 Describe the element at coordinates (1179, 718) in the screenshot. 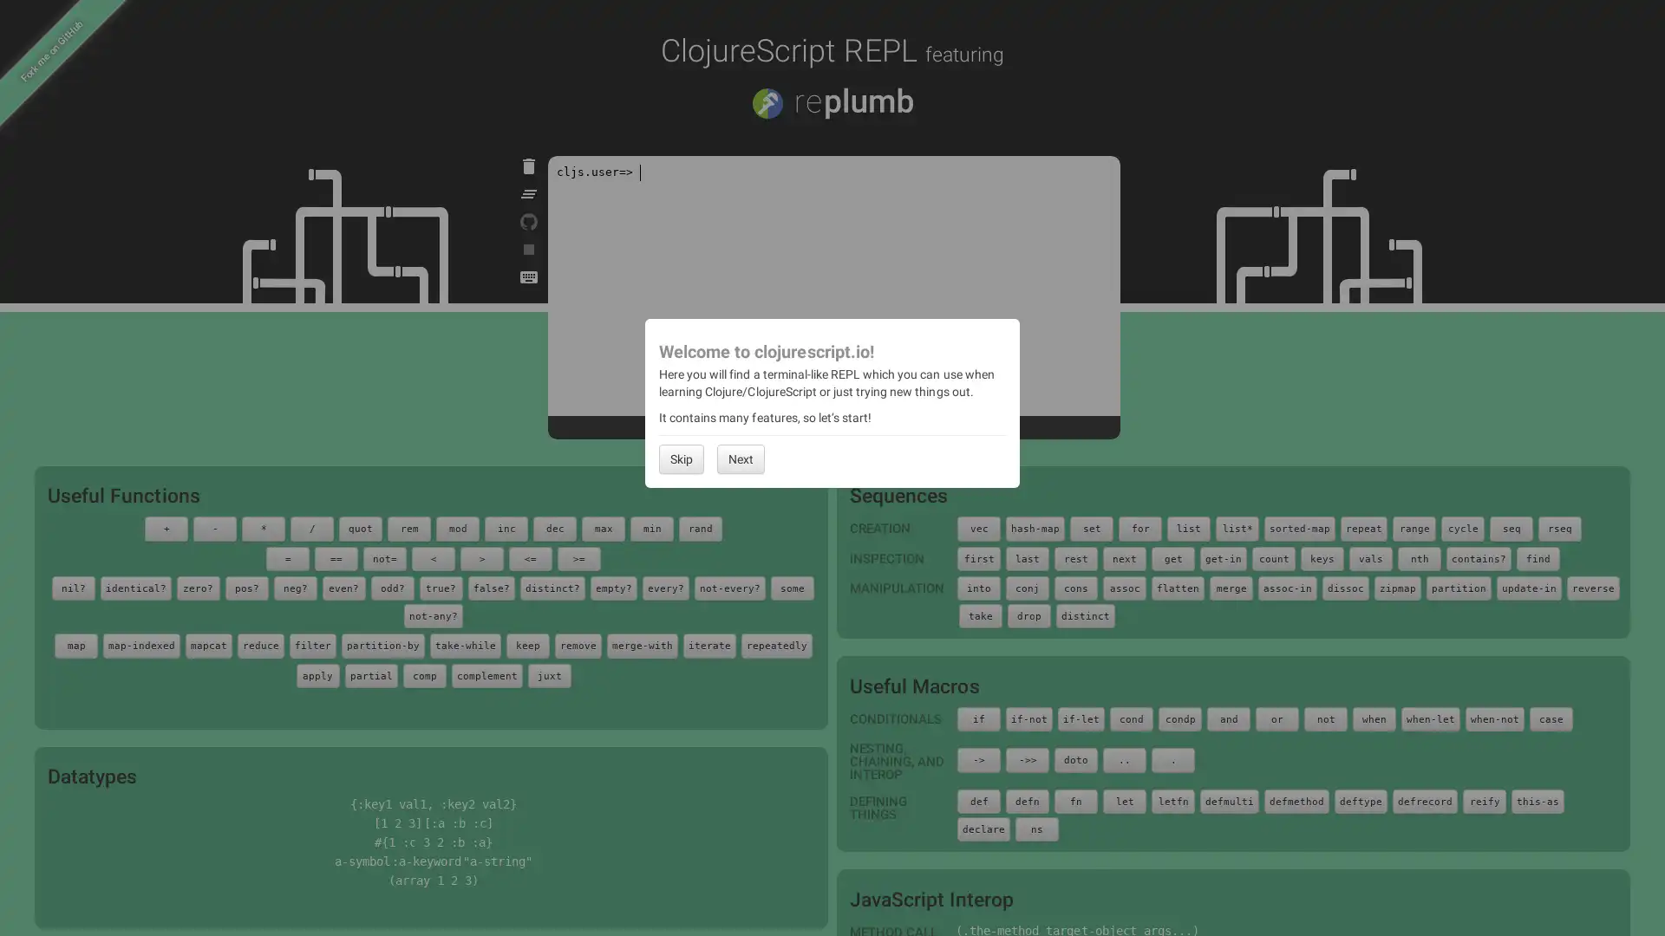

I see `condp` at that location.